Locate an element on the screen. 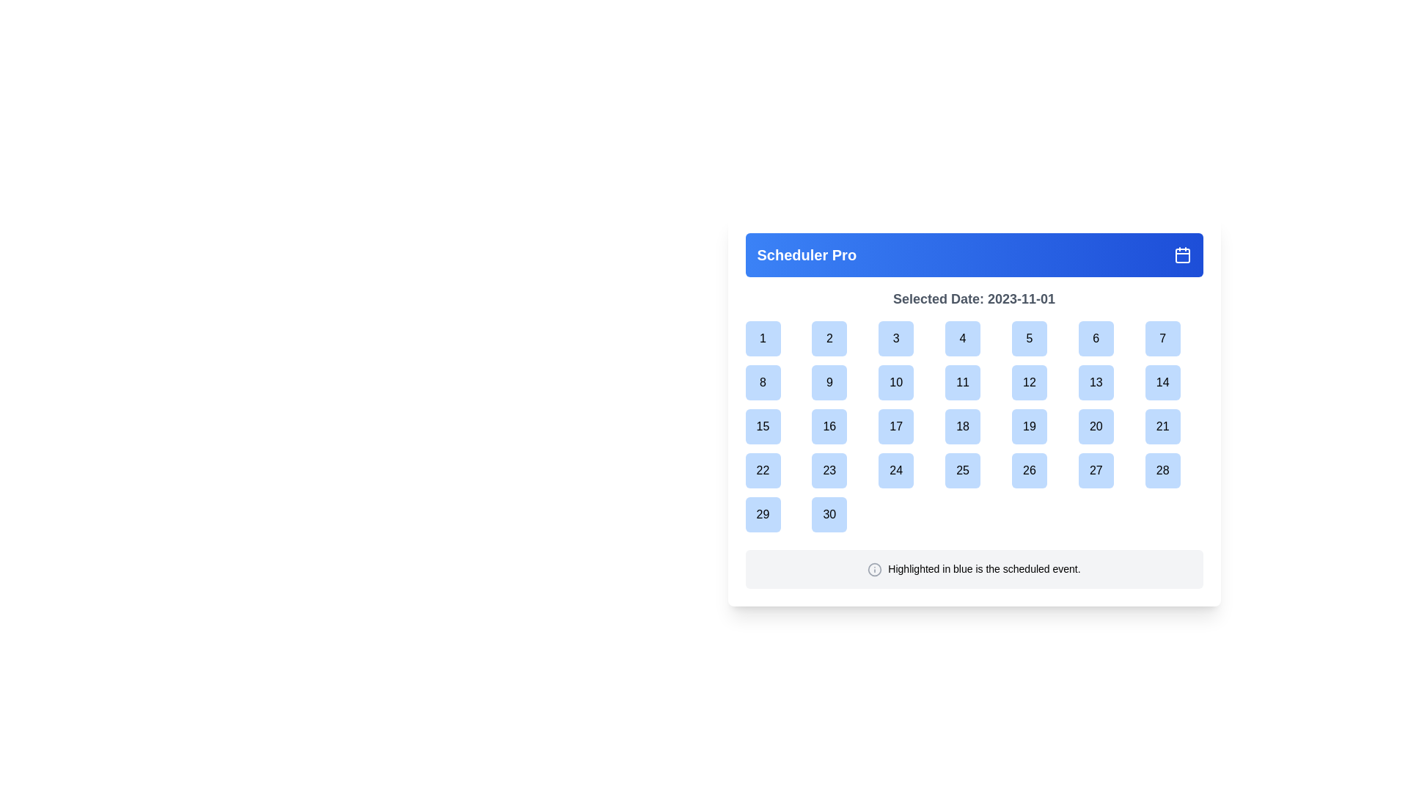 The width and height of the screenshot is (1408, 792). to select the date '5' in the calendar date cell, which is the fifth item in the first row of the grid is located at coordinates (1040, 339).